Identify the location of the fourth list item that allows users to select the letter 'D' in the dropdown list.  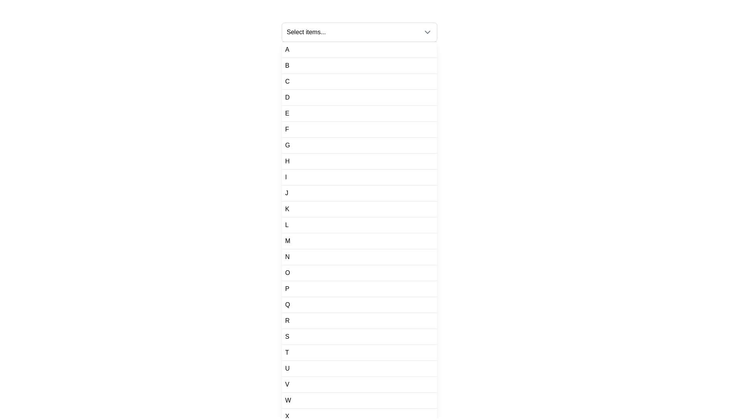
(359, 97).